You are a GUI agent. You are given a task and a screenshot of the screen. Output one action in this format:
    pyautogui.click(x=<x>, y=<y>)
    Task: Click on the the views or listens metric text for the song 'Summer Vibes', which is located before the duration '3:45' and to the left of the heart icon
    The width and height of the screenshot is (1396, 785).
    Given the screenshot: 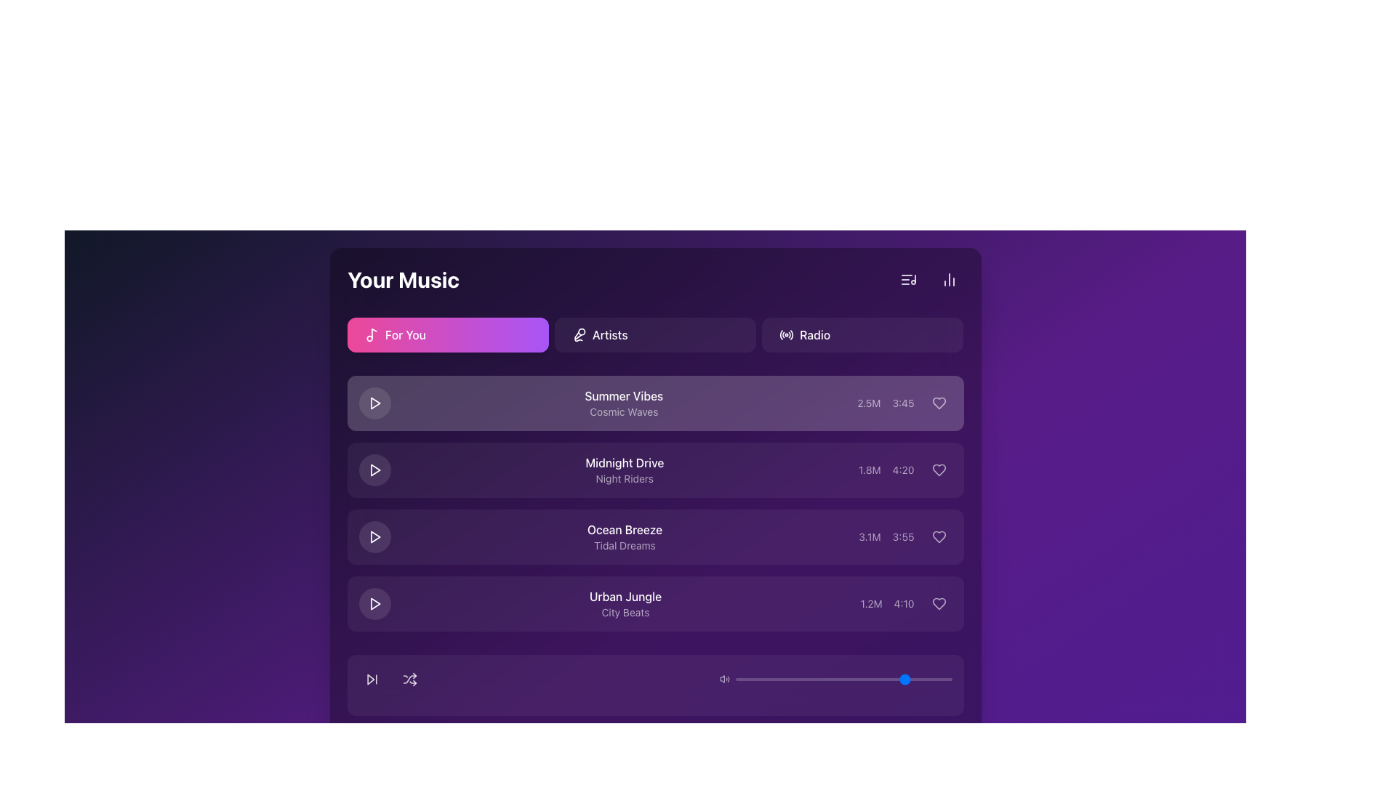 What is the action you would take?
    pyautogui.click(x=869, y=403)
    